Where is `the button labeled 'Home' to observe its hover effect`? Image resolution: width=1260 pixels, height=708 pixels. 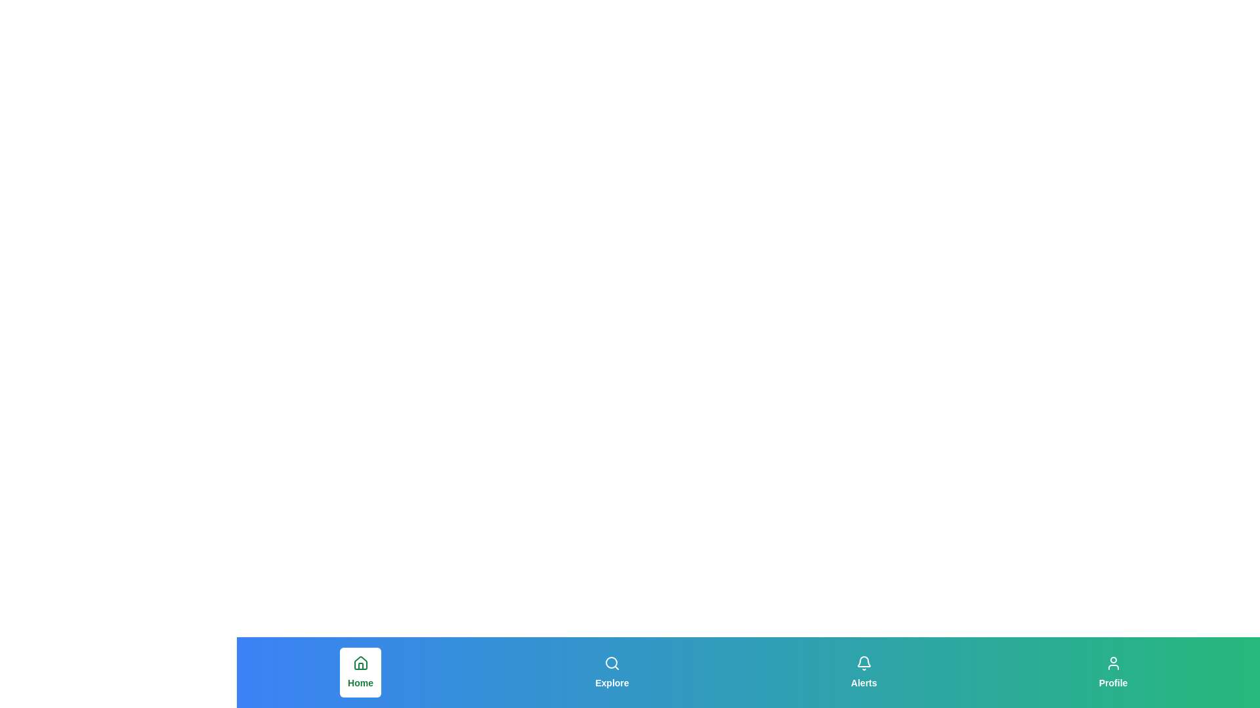
the button labeled 'Home' to observe its hover effect is located at coordinates (360, 673).